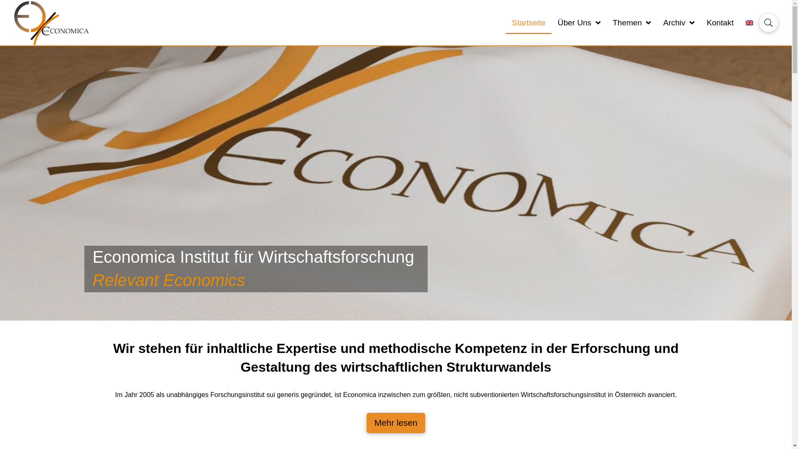 The height and width of the screenshot is (449, 798). Describe the element at coordinates (528, 22) in the screenshot. I see `'Startseite'` at that location.